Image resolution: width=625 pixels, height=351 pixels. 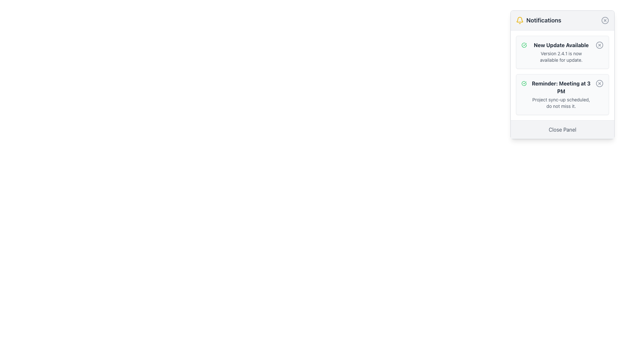 I want to click on the bell icon located at the top-left corner of the notification panel, adjacent to the 'Notifications' title text for contextual understanding, so click(x=520, y=20).